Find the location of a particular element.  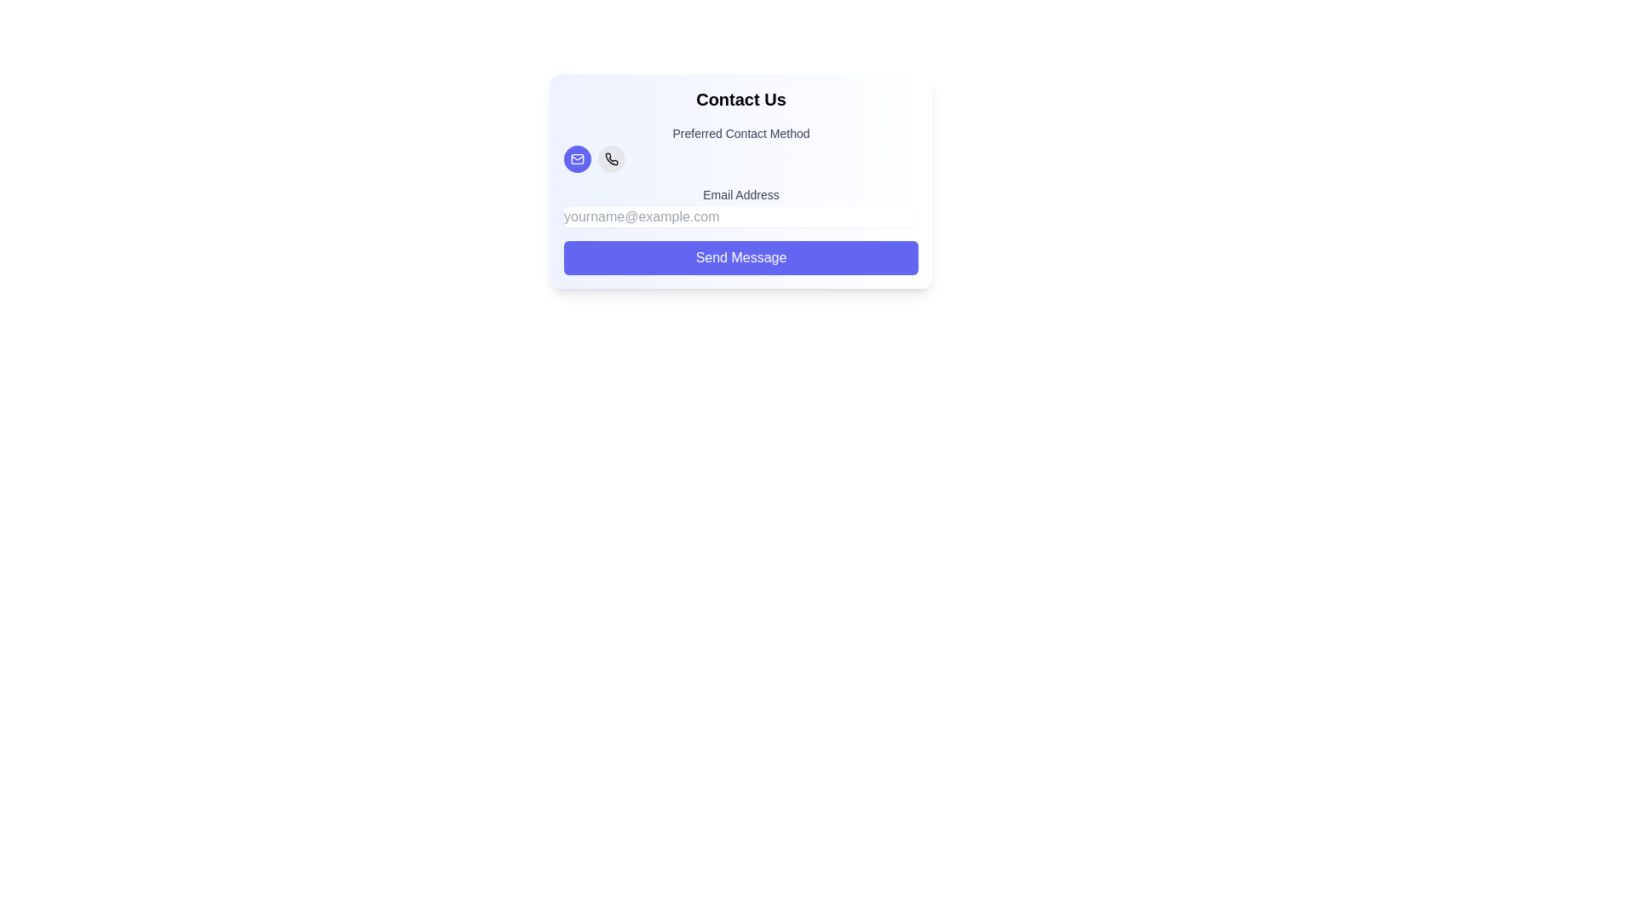

the text label reading 'Preferred Contact Method', which is styled in bold dark gray and centrally aligned above the contact method icons is located at coordinates (740, 133).